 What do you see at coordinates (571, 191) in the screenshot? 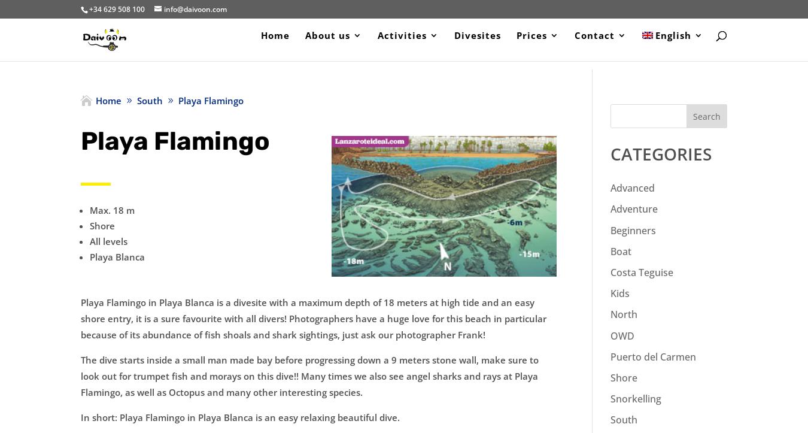
I see `'Sidemount'` at bounding box center [571, 191].